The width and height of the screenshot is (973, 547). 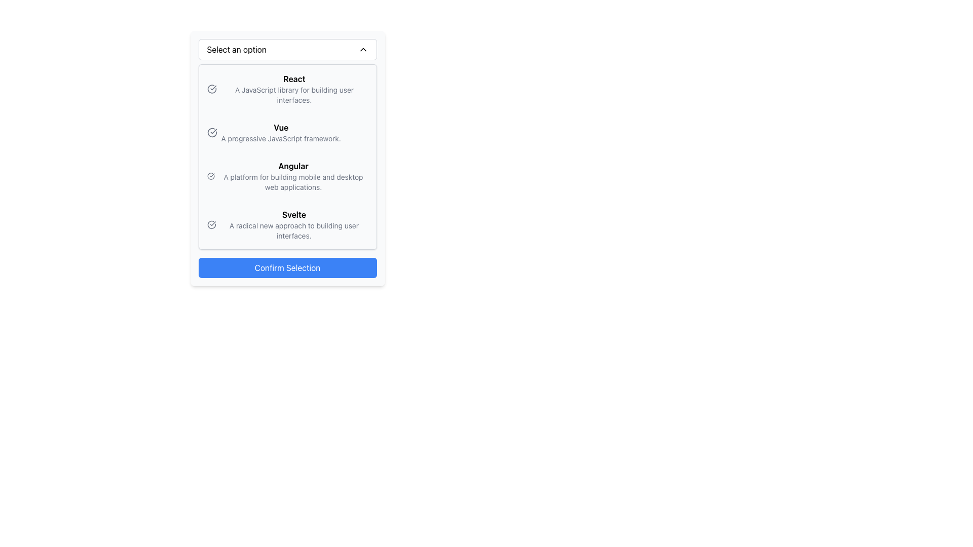 What do you see at coordinates (281, 138) in the screenshot?
I see `the text label displaying 'A progressive JavaScript framework.' which is located below the header 'Vue'` at bounding box center [281, 138].